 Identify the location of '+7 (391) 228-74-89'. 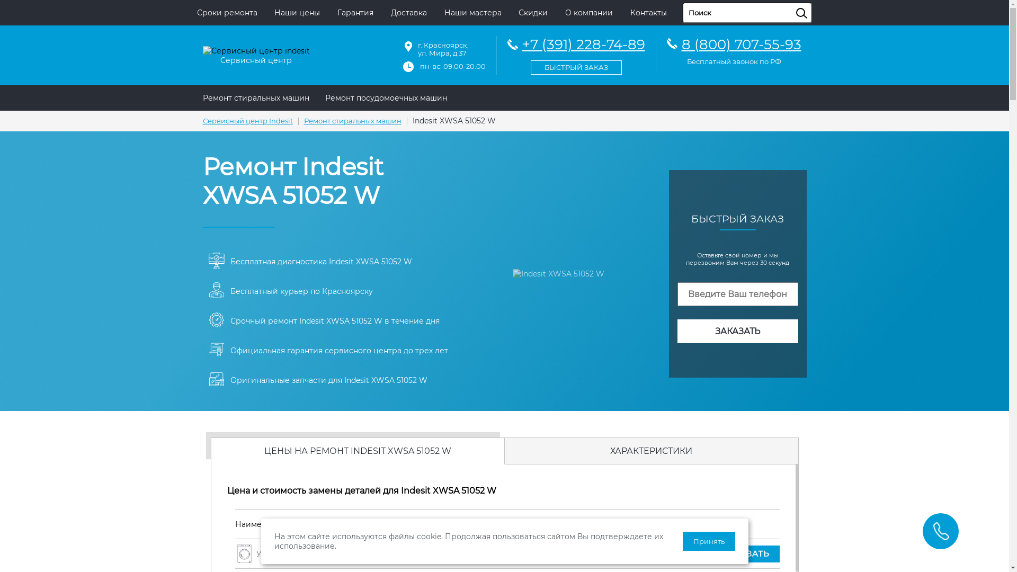
(507, 53).